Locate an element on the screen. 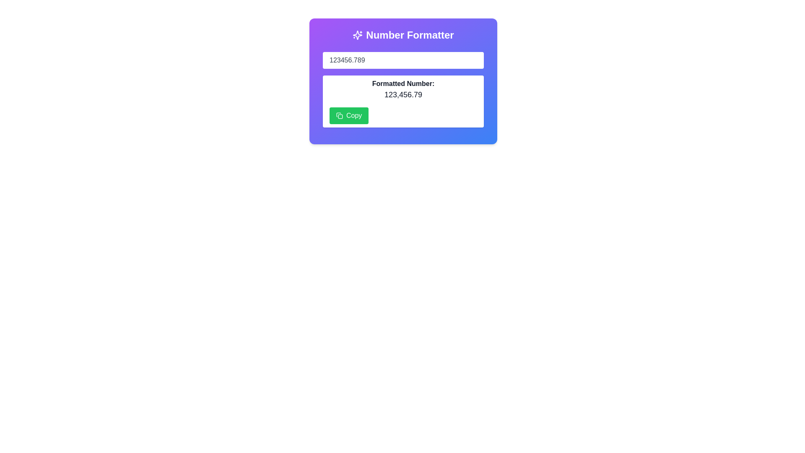 The image size is (805, 453). the button that copies the formatted number '123,456.79' to the clipboard is located at coordinates (349, 116).